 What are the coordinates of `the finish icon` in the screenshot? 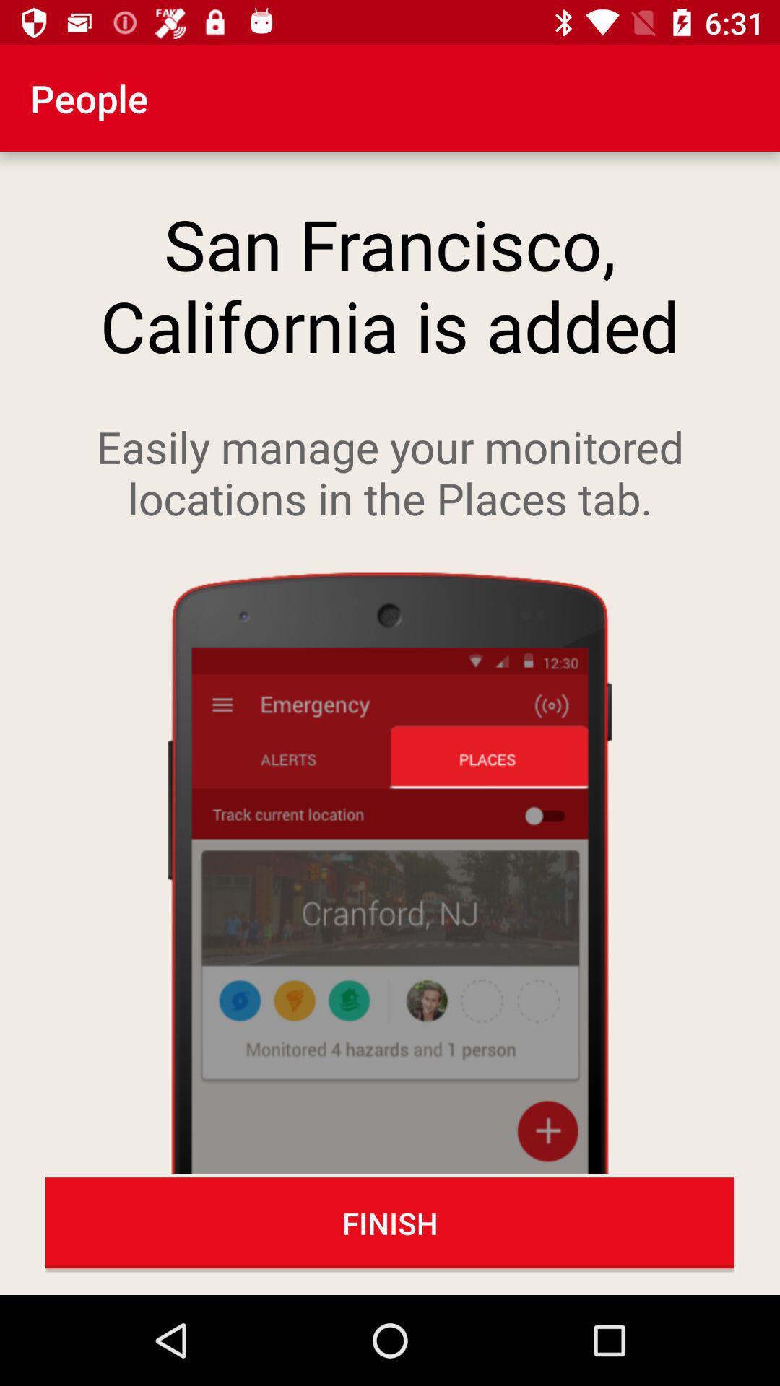 It's located at (390, 1222).